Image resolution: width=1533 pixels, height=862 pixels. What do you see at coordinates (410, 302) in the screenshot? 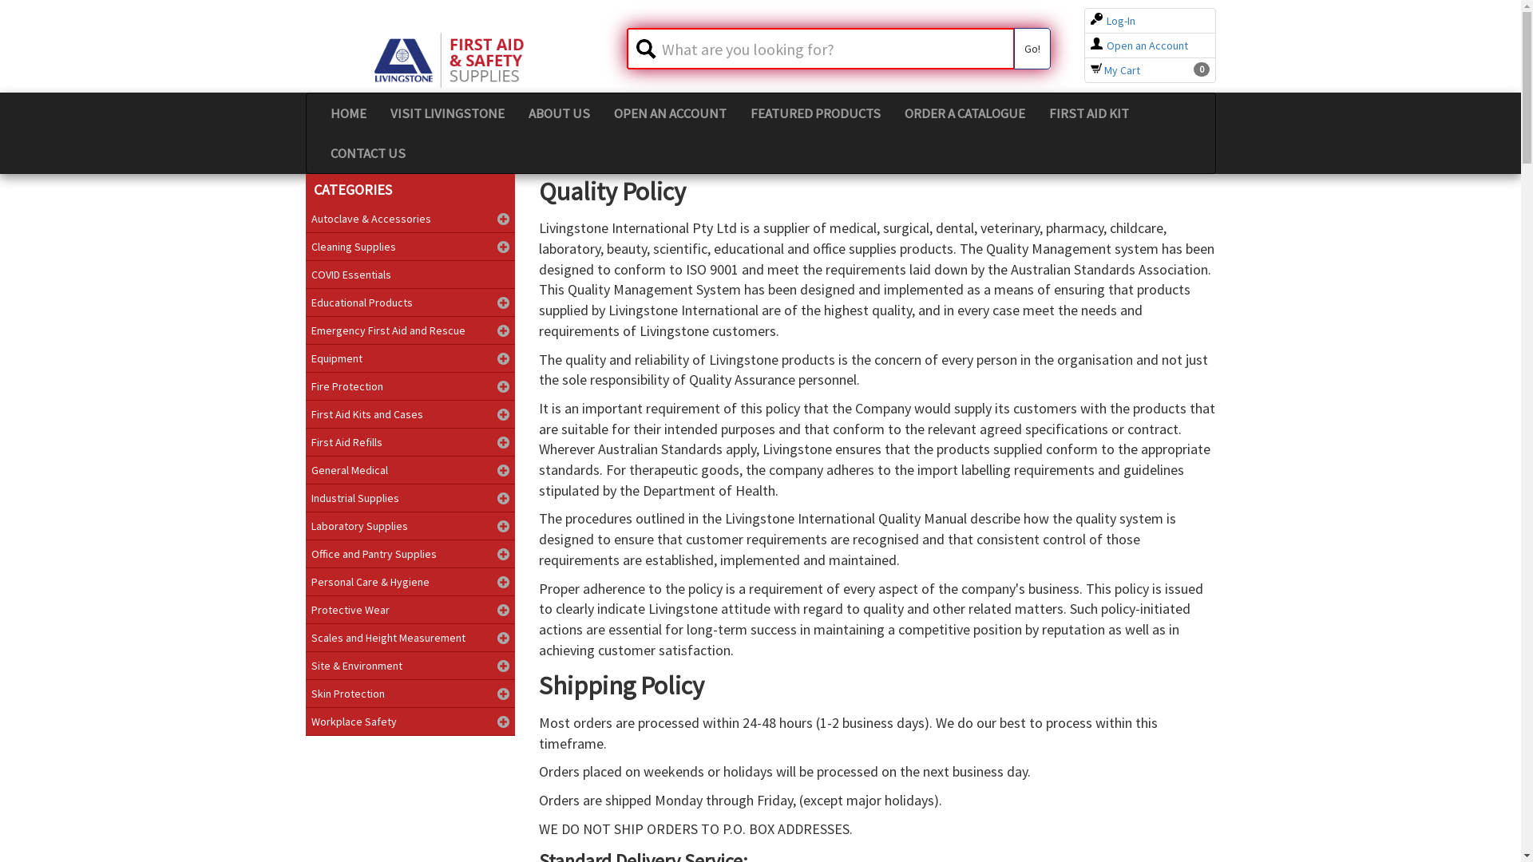
I see `'Educational Products'` at bounding box center [410, 302].